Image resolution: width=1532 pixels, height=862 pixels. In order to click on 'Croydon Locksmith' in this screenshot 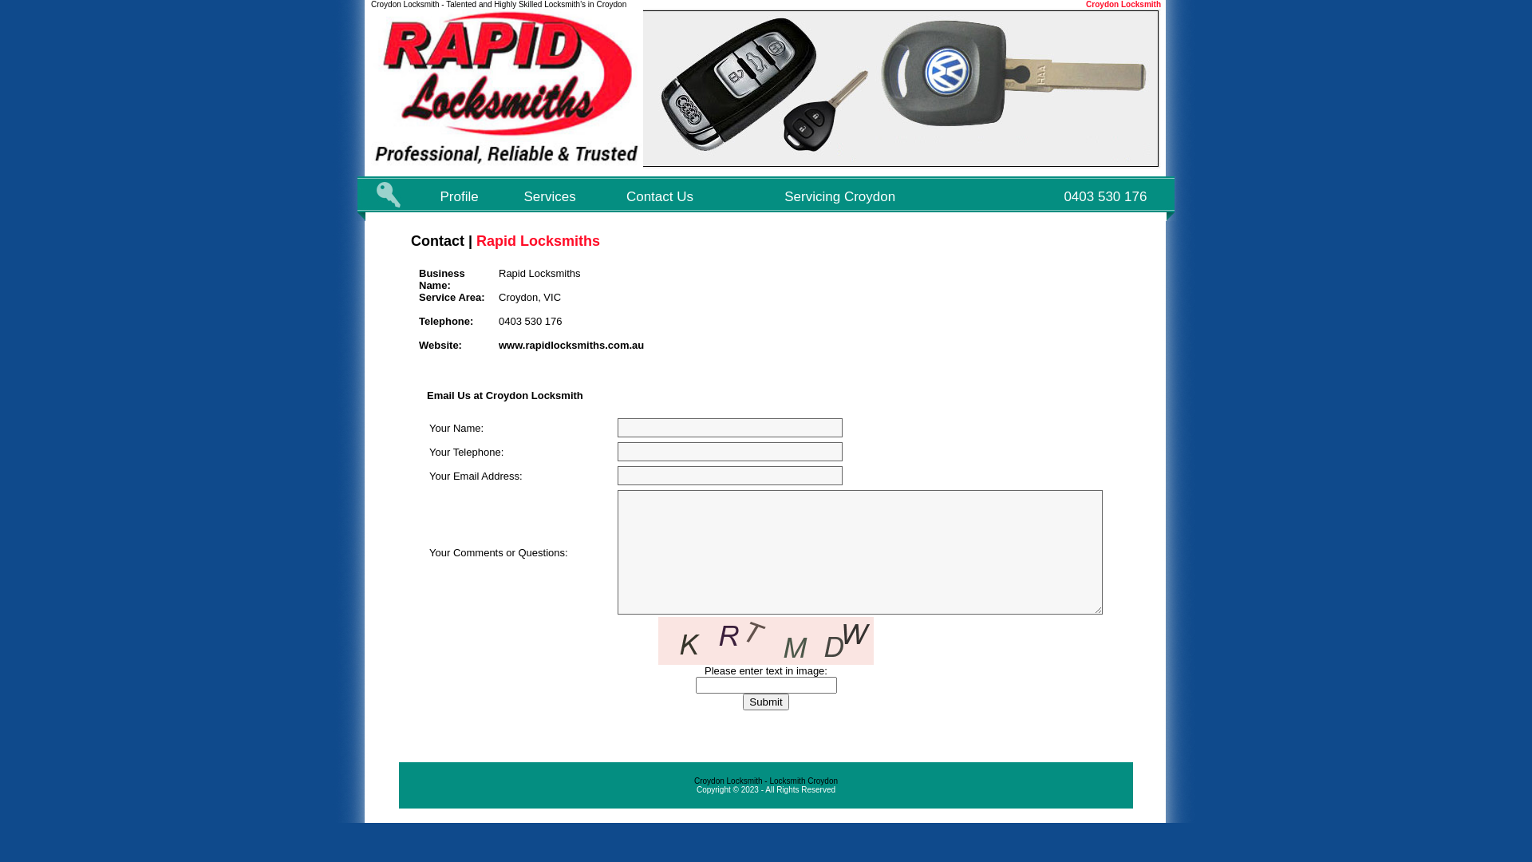, I will do `click(1085, 4)`.